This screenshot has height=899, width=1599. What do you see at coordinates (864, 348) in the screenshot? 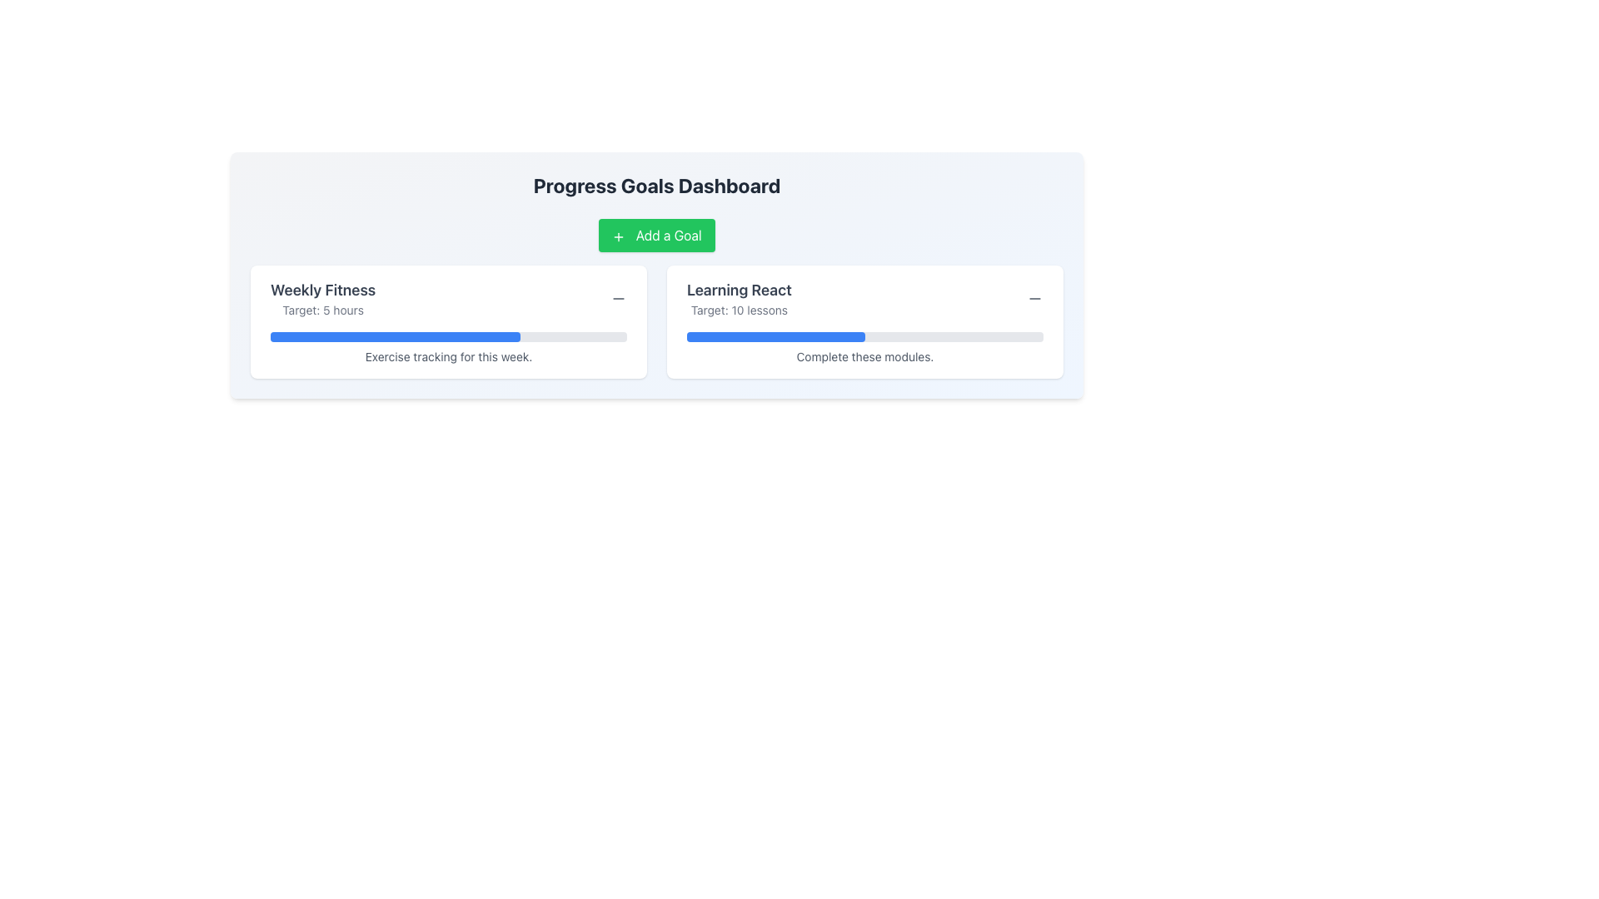
I see `the text 'Complete these modules.' located beneath the progress bar within the 'Learning React' card` at bounding box center [864, 348].